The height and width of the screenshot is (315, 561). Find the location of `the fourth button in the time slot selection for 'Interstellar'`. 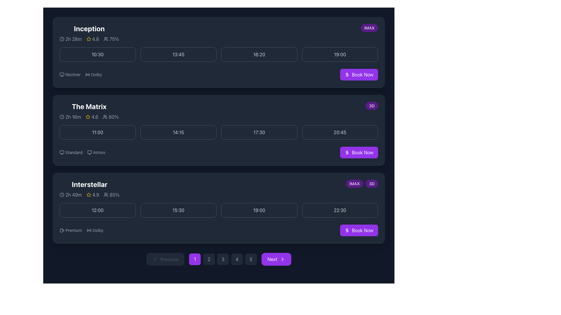

the fourth button in the time slot selection for 'Interstellar' is located at coordinates (340, 210).